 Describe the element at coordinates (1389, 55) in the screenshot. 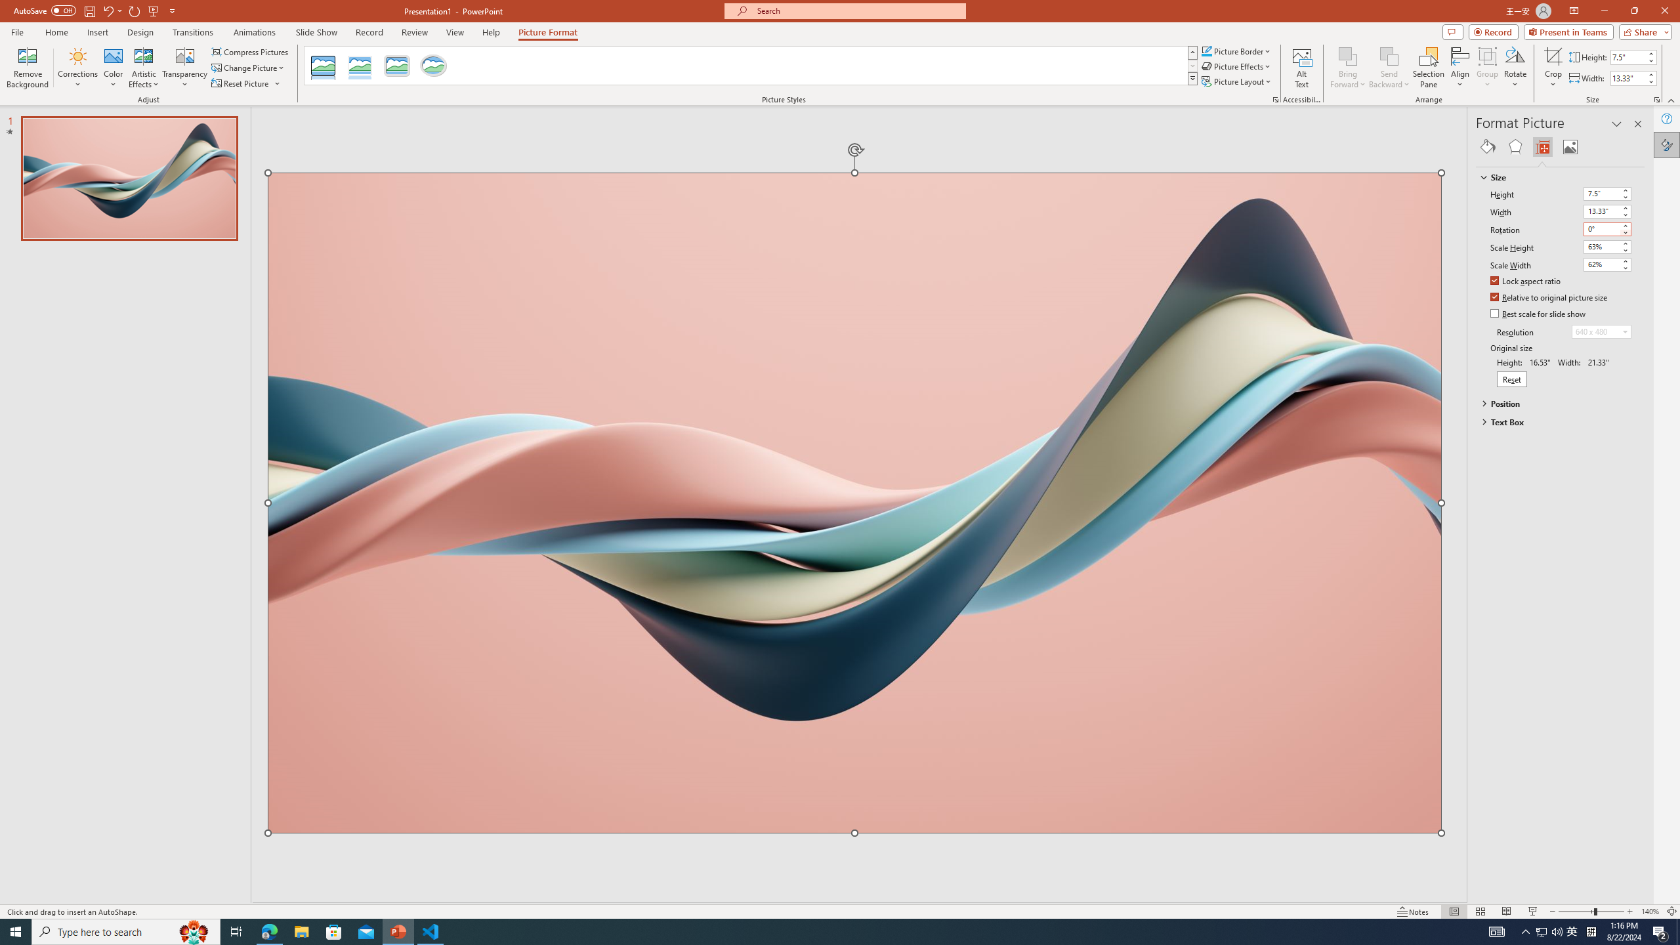

I see `'Send Backward'` at that location.